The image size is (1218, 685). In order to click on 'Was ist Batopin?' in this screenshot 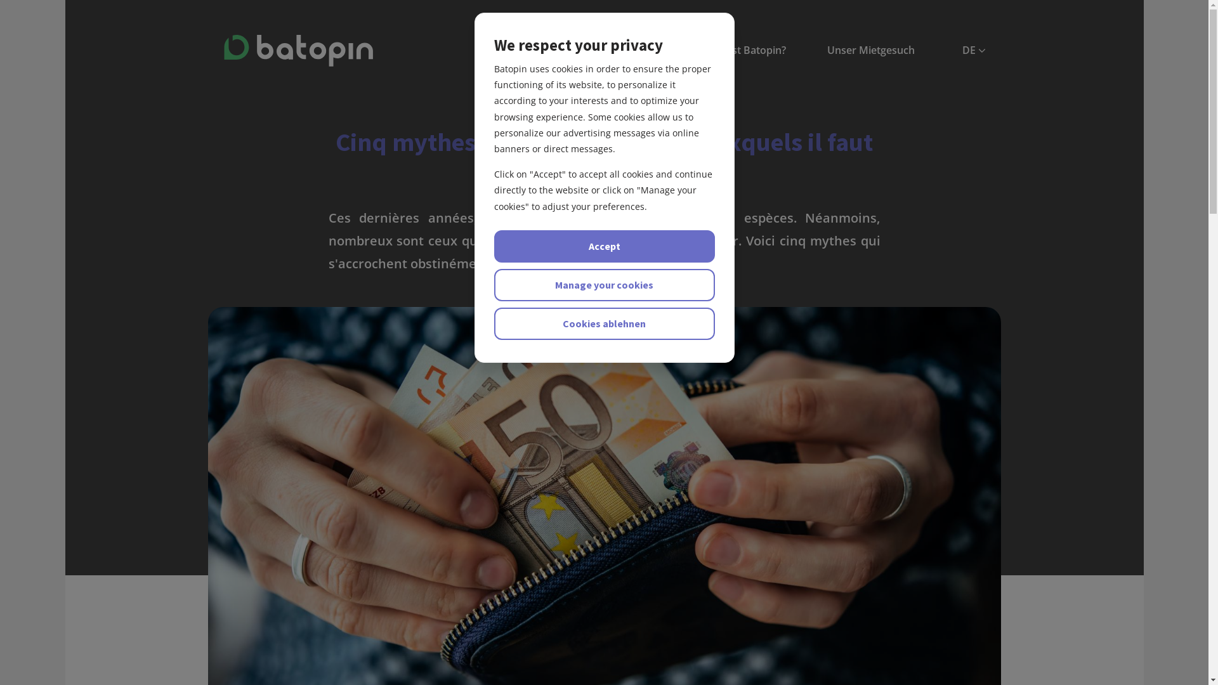, I will do `click(745, 49)`.